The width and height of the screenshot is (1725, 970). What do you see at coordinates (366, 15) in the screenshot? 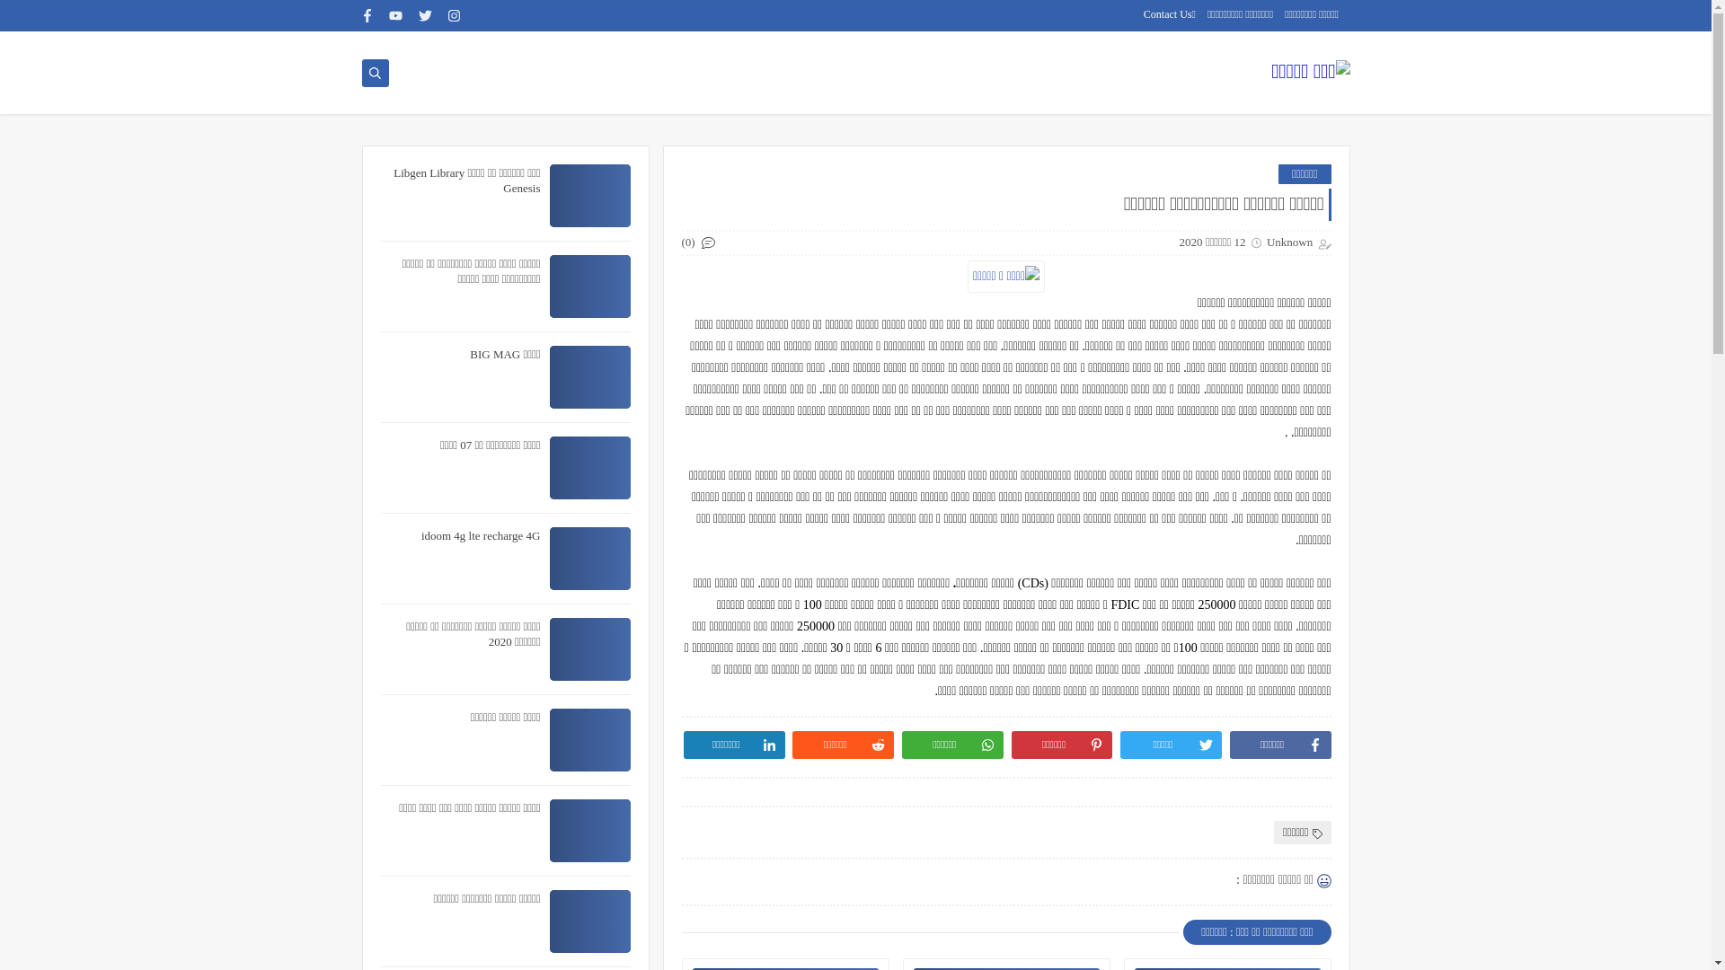
I see `'facebook'` at bounding box center [366, 15].